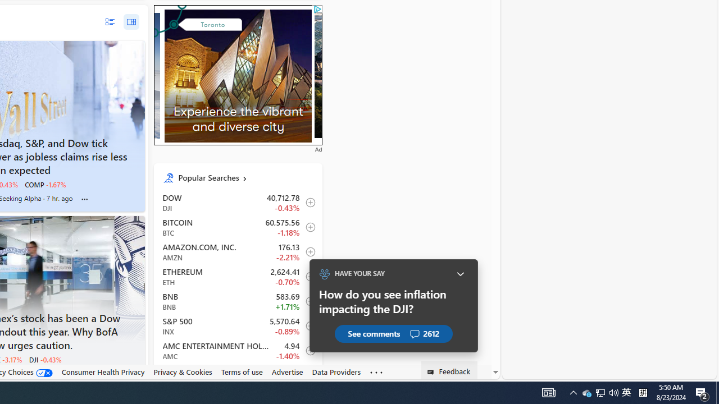 The image size is (719, 404). I want to click on 'BTC Bitcoin decrease 60,575.56 -716.61 -1.18% itemundefined', so click(237, 227).